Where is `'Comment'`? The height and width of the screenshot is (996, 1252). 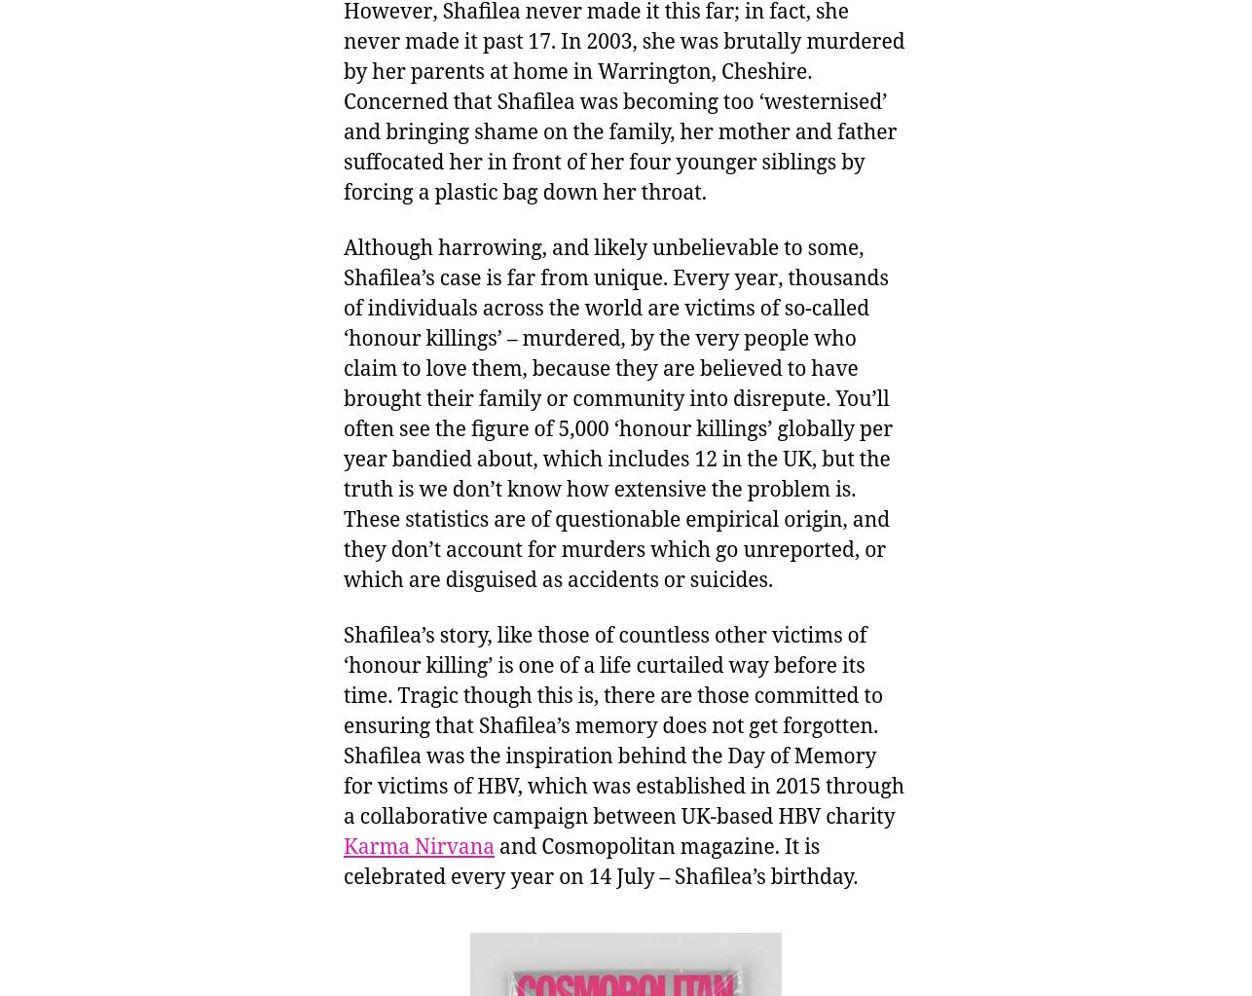 'Comment' is located at coordinates (1077, 924).